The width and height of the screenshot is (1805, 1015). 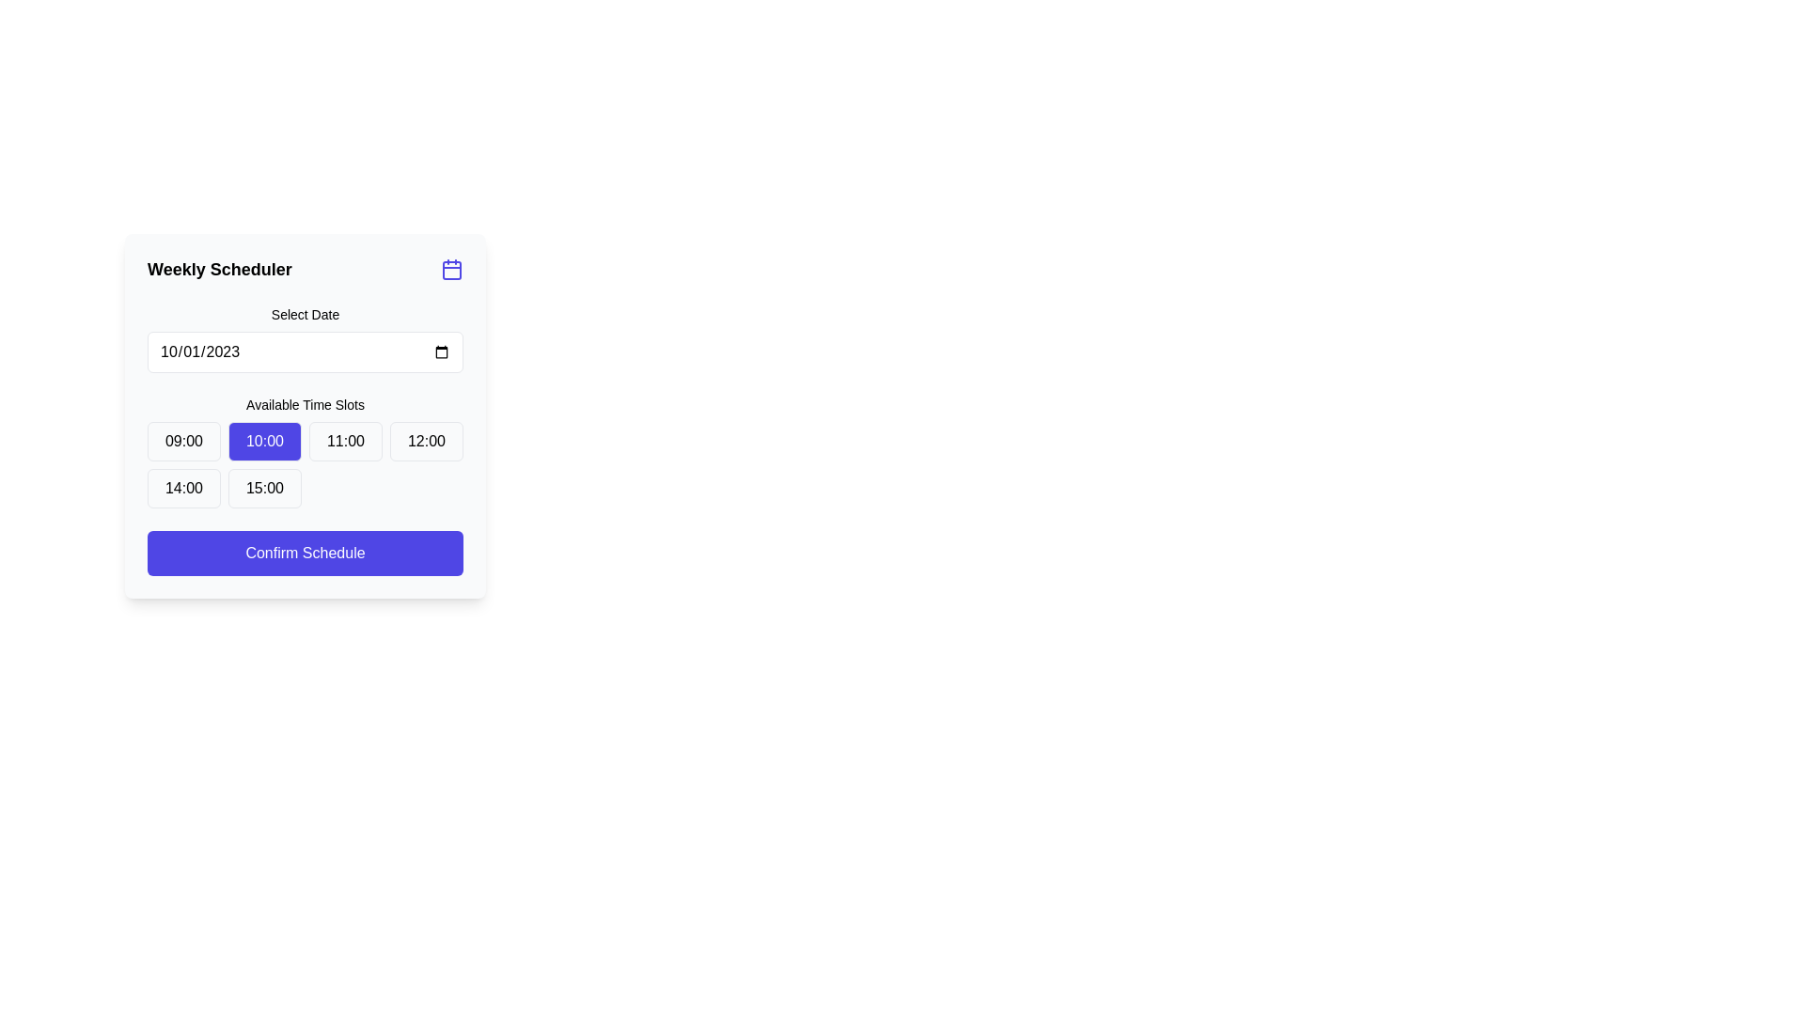 What do you see at coordinates (184, 488) in the screenshot?
I see `the button representing the selectable time slot '14:00' in the grid of time slots to choose this specific time` at bounding box center [184, 488].